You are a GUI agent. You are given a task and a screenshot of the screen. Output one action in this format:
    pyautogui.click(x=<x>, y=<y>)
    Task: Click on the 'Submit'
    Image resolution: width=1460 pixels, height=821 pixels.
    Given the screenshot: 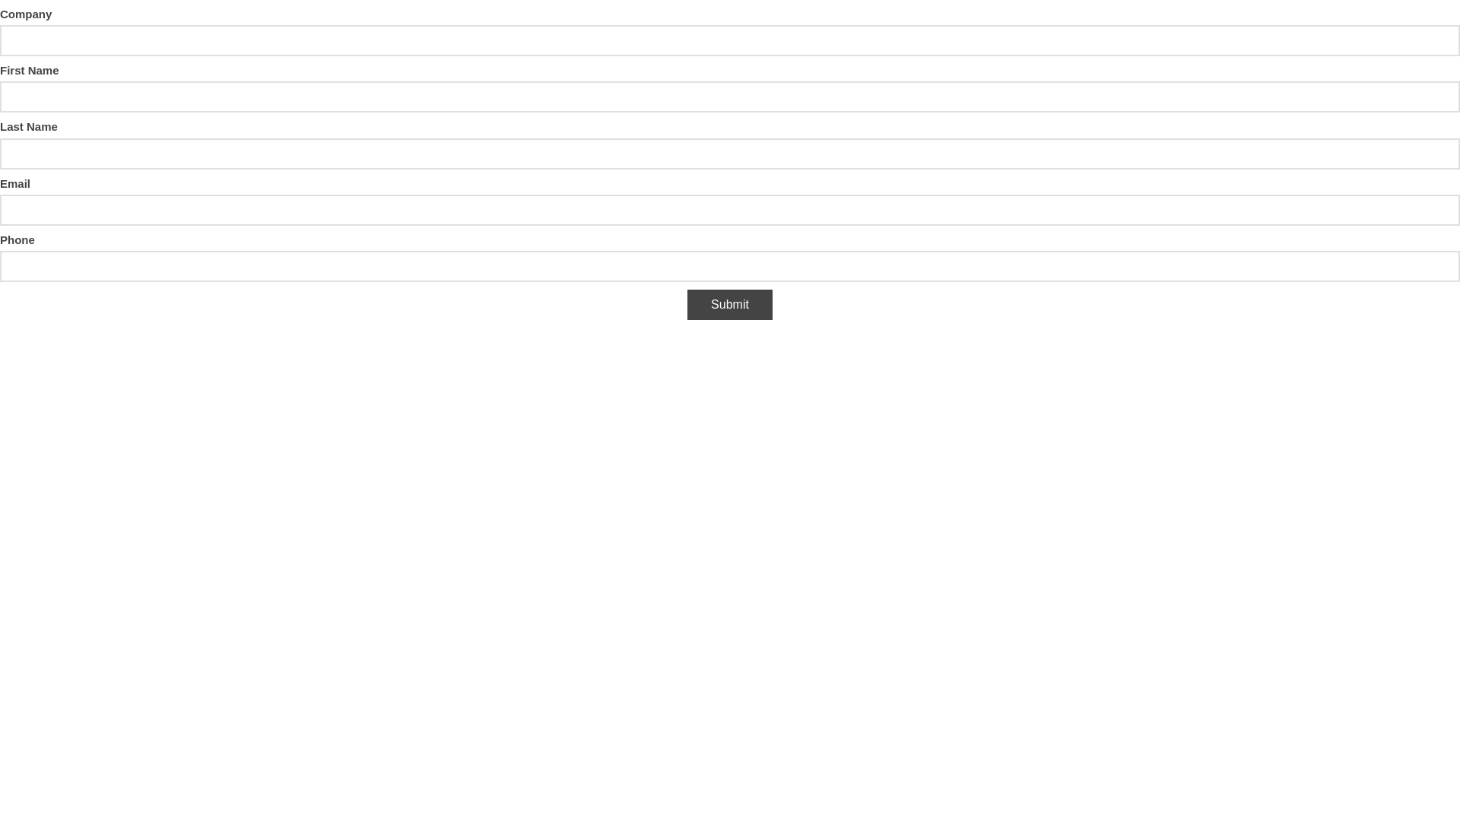 What is the action you would take?
    pyautogui.click(x=686, y=305)
    